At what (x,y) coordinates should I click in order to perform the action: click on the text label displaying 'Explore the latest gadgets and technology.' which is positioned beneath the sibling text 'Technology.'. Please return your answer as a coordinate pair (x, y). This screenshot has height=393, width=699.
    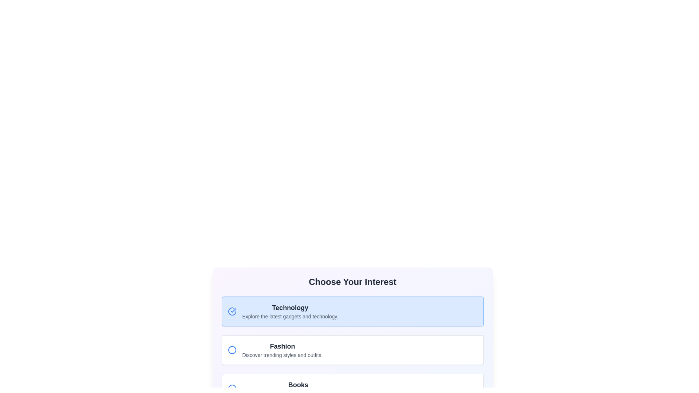
    Looking at the image, I should click on (290, 316).